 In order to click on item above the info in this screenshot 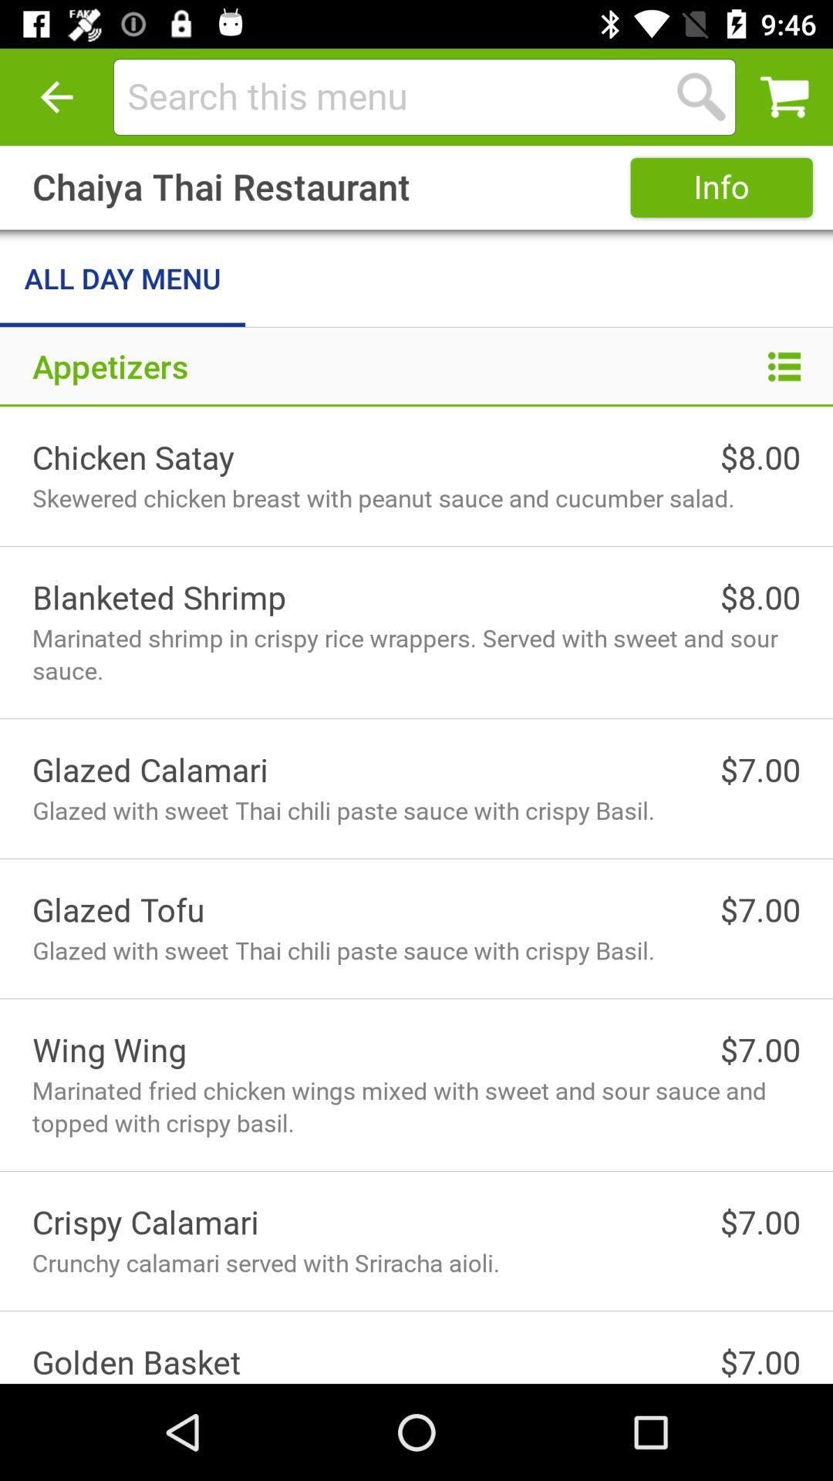, I will do `click(701, 96)`.